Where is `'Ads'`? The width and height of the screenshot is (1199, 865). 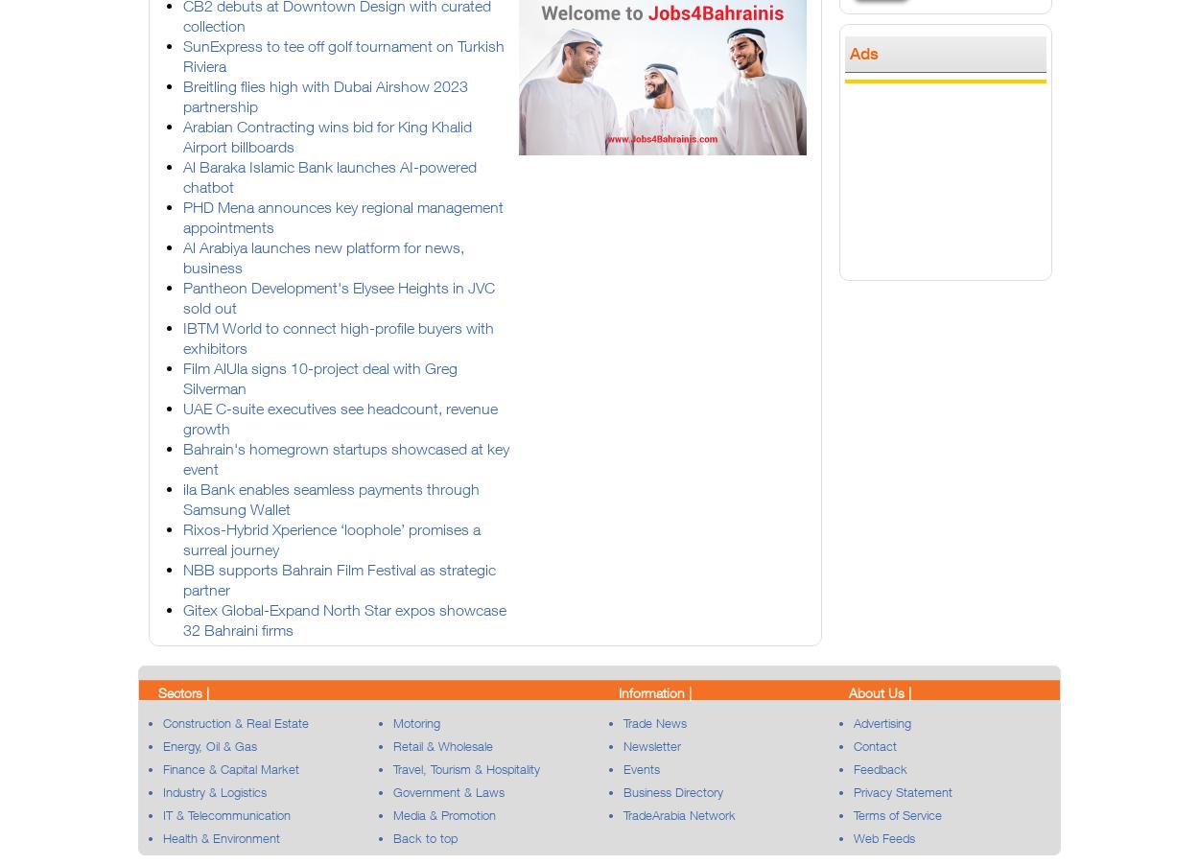
'Ads' is located at coordinates (864, 52).